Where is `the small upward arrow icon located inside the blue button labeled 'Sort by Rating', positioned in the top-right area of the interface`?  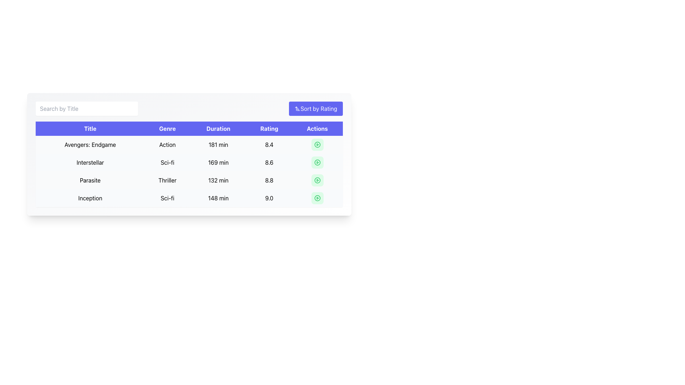 the small upward arrow icon located inside the blue button labeled 'Sort by Rating', positioned in the top-right area of the interface is located at coordinates (298, 108).